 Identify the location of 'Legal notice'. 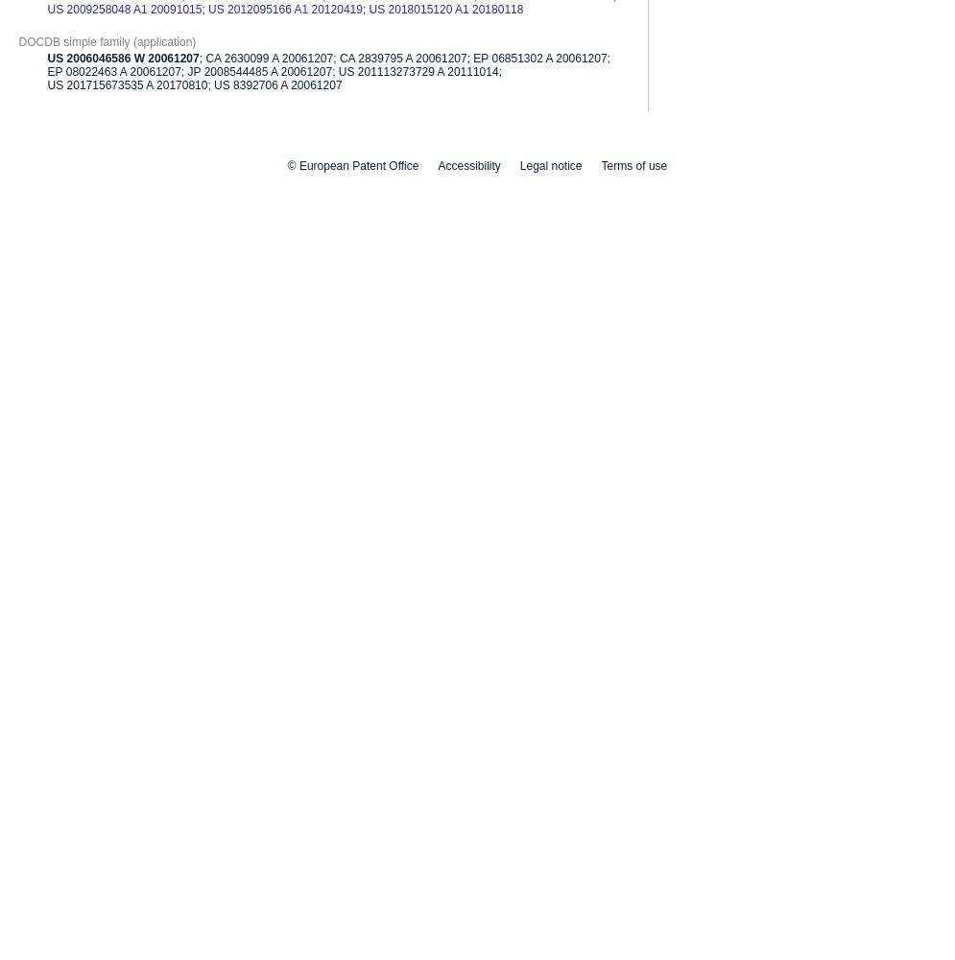
(518, 165).